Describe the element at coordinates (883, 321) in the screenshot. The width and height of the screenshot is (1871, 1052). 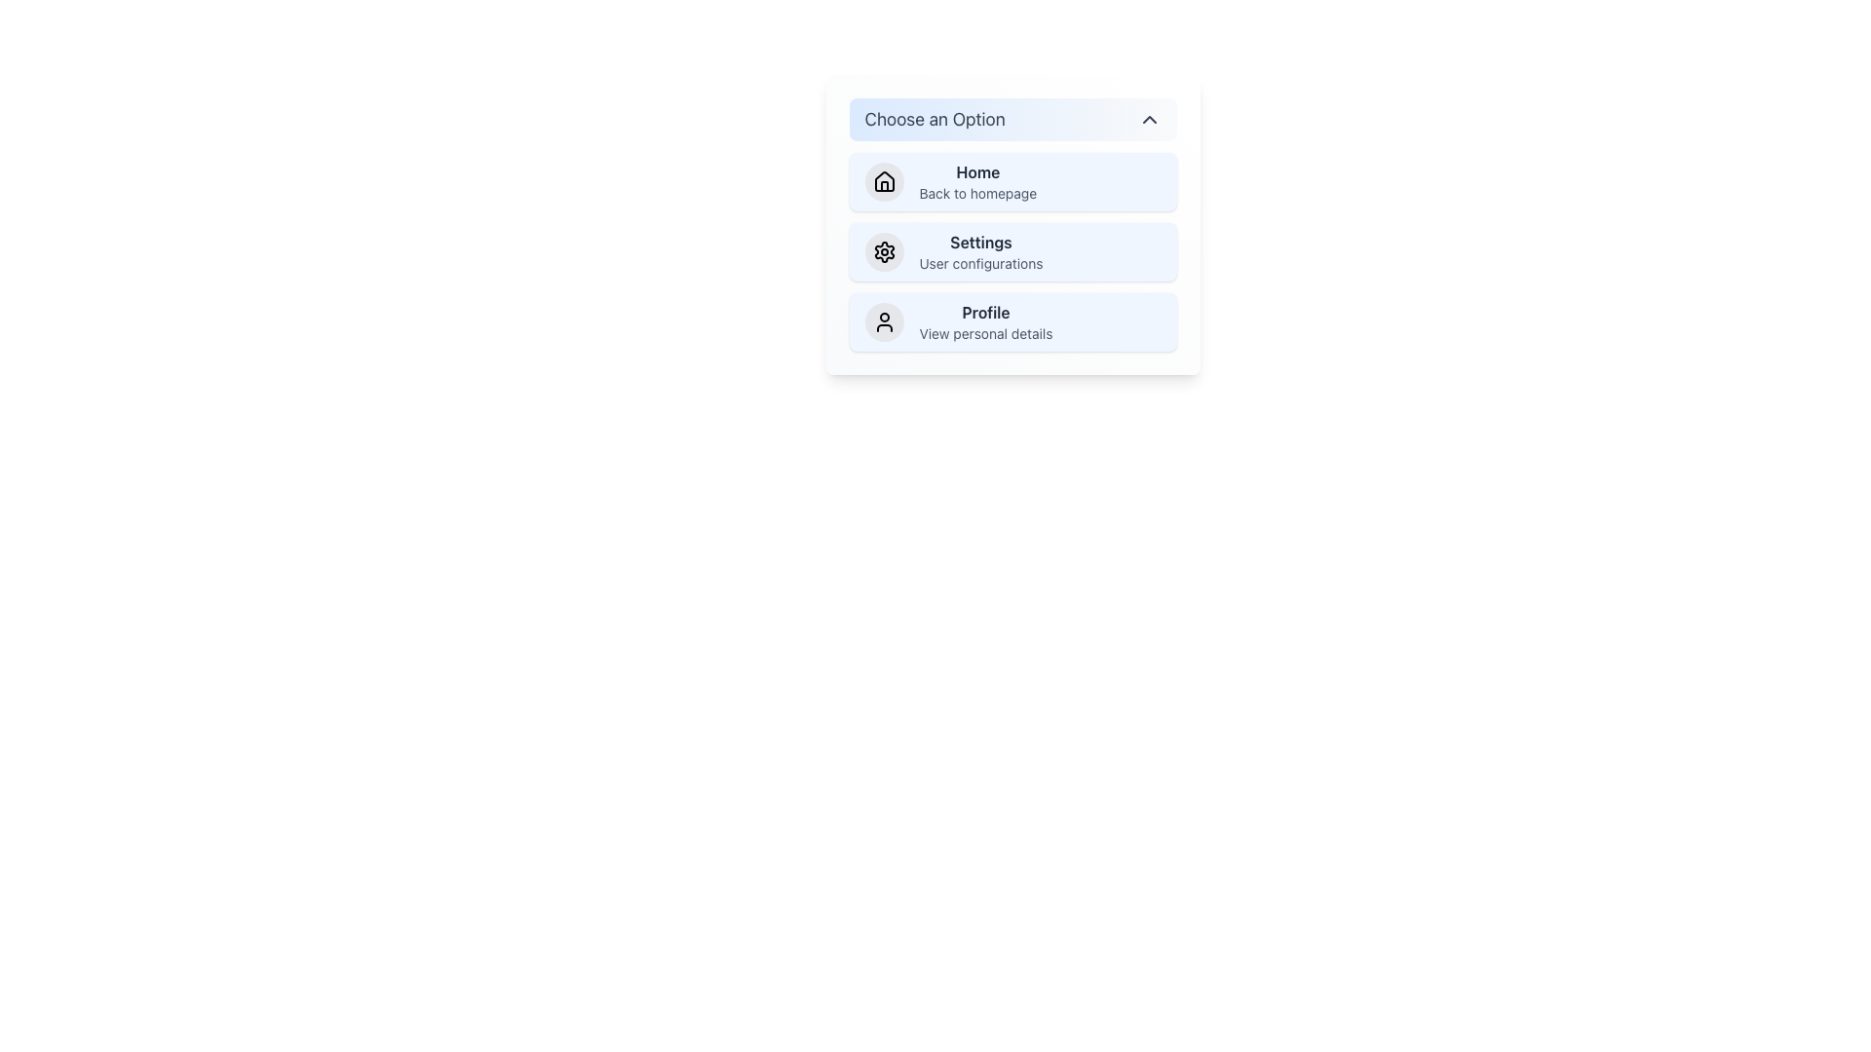
I see `the profile icon with a circular gray background located in the 'Profile' section, positioned next to the text labels 'Profile' and 'View personal details'` at that location.